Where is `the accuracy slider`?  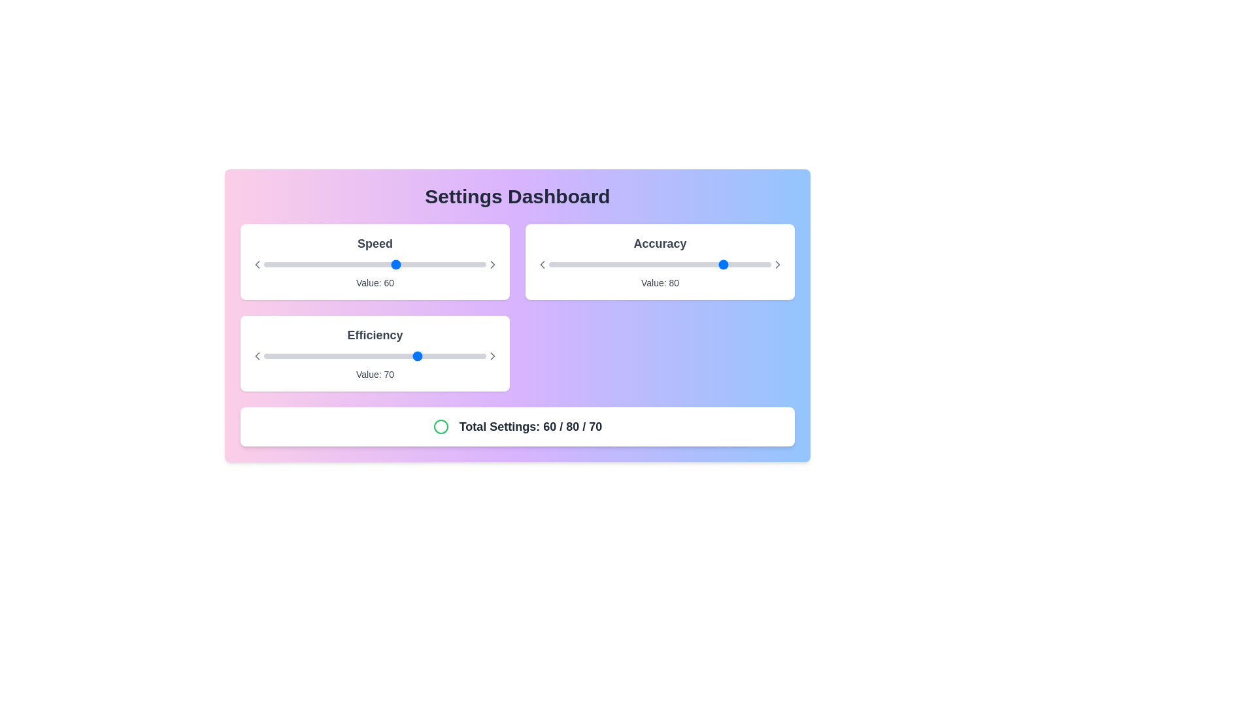
the accuracy slider is located at coordinates (671, 265).